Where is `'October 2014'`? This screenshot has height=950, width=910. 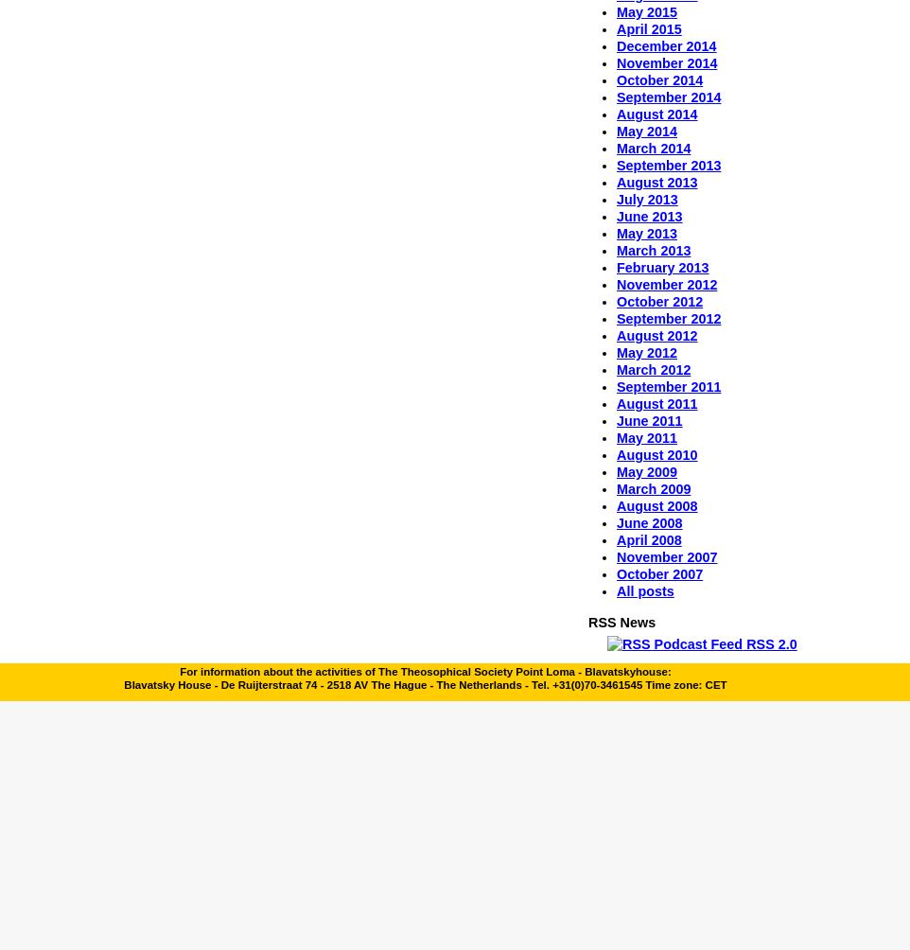
'October 2014' is located at coordinates (658, 80).